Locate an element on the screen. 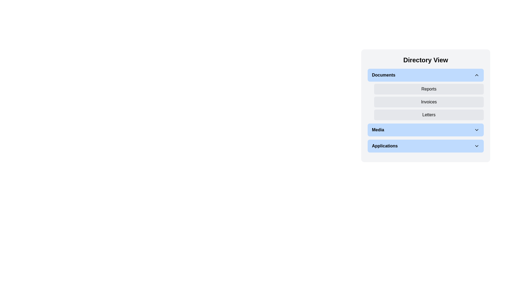 The image size is (516, 290). the 'Reports' button located in the 'Documents' section of the 'Directory View' interface is located at coordinates (429, 89).